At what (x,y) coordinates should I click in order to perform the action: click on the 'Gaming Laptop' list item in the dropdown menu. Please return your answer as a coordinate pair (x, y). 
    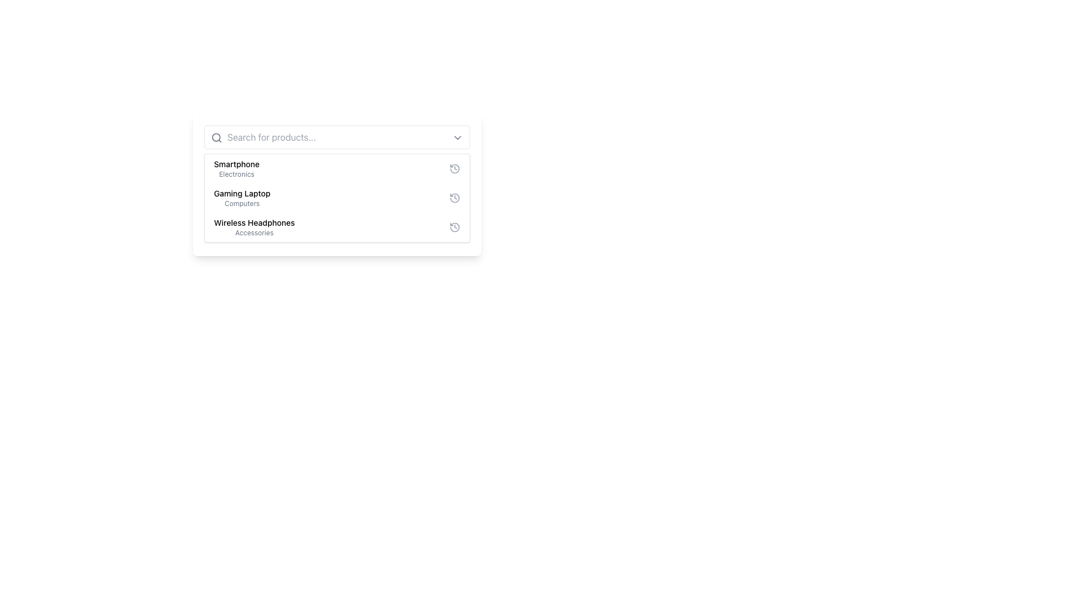
    Looking at the image, I should click on (337, 197).